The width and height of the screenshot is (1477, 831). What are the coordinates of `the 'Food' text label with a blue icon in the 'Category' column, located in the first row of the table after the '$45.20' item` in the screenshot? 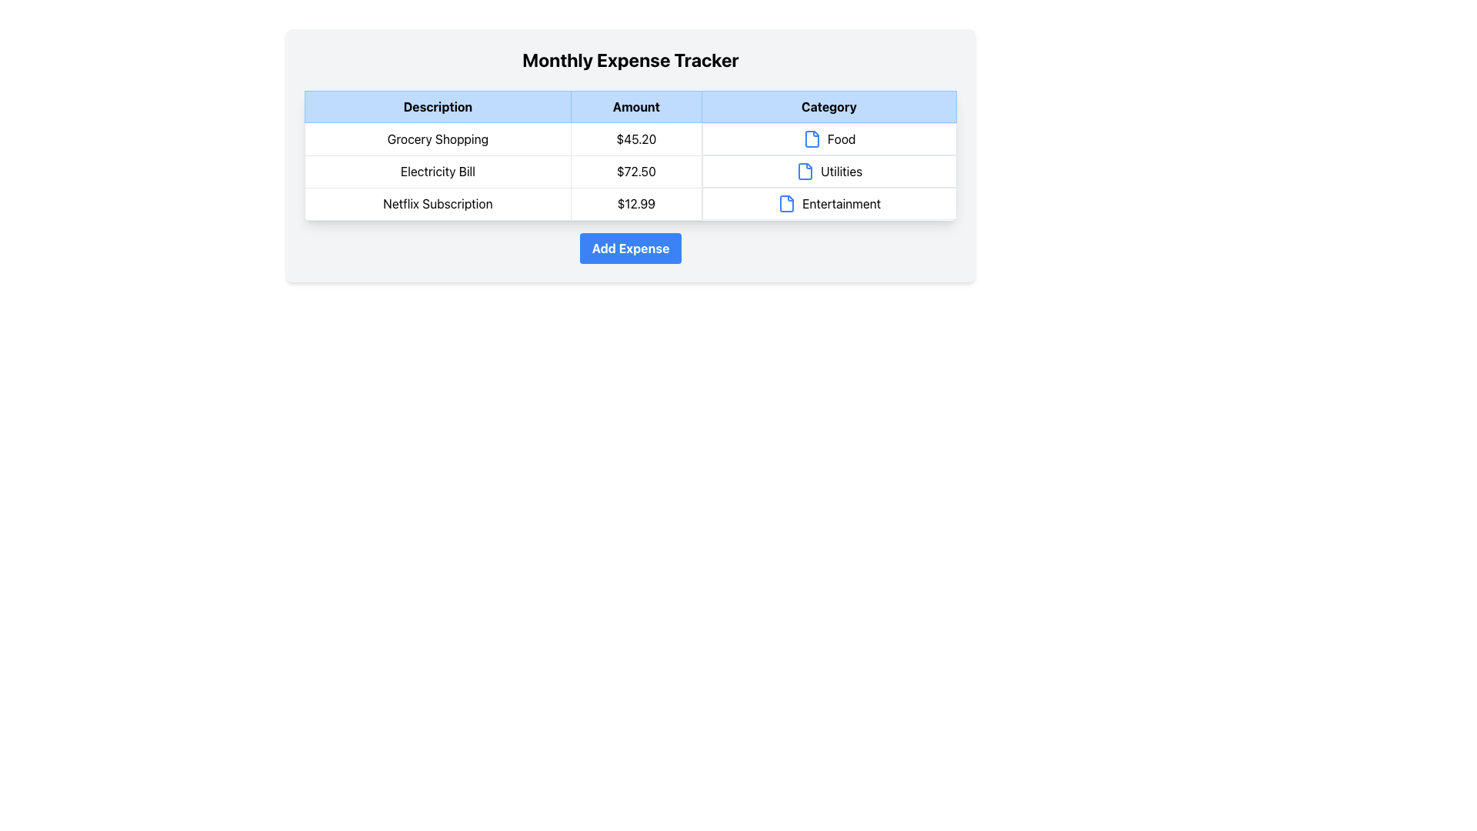 It's located at (829, 139).